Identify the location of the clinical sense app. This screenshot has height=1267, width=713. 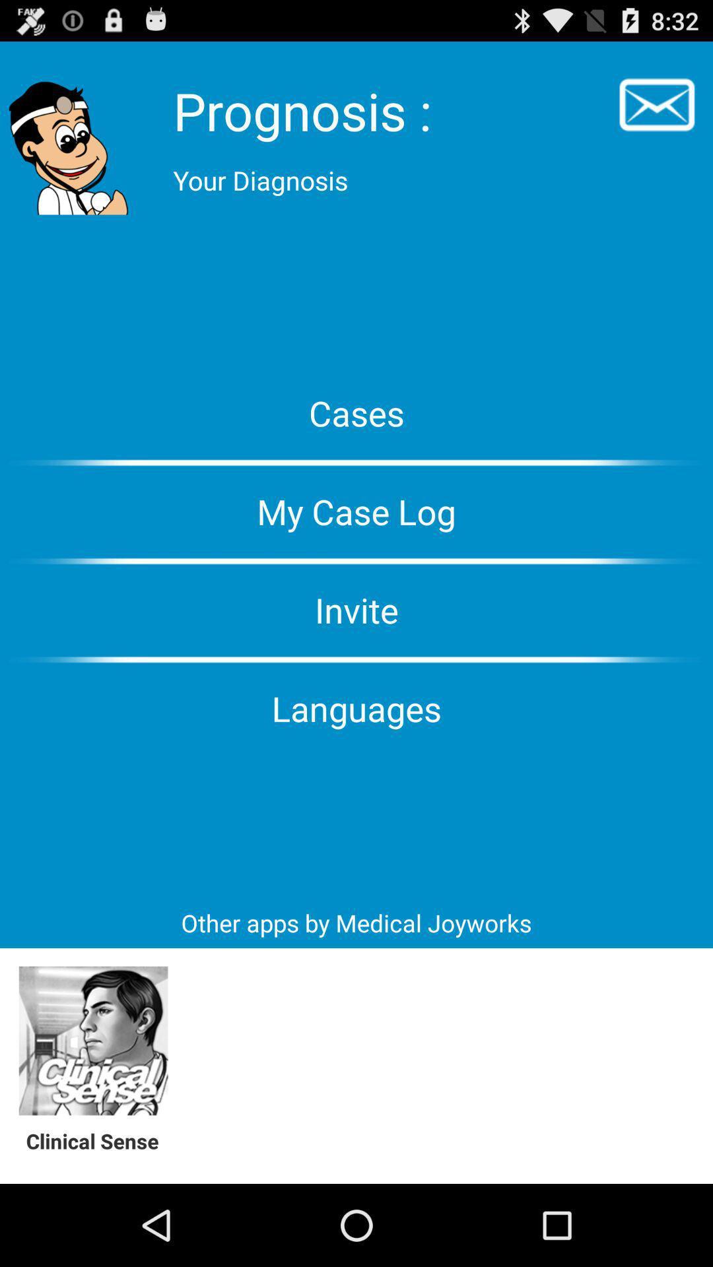
(99, 1140).